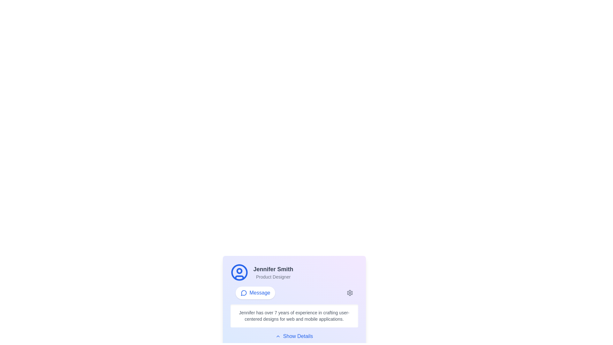  I want to click on the second circle element that represents the user's head in the profile icon within the SVG graphics, so click(239, 271).